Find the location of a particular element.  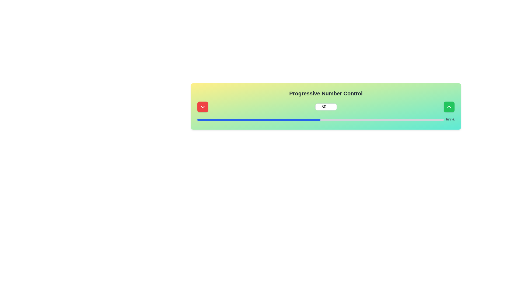

the slider value is located at coordinates (317, 119).